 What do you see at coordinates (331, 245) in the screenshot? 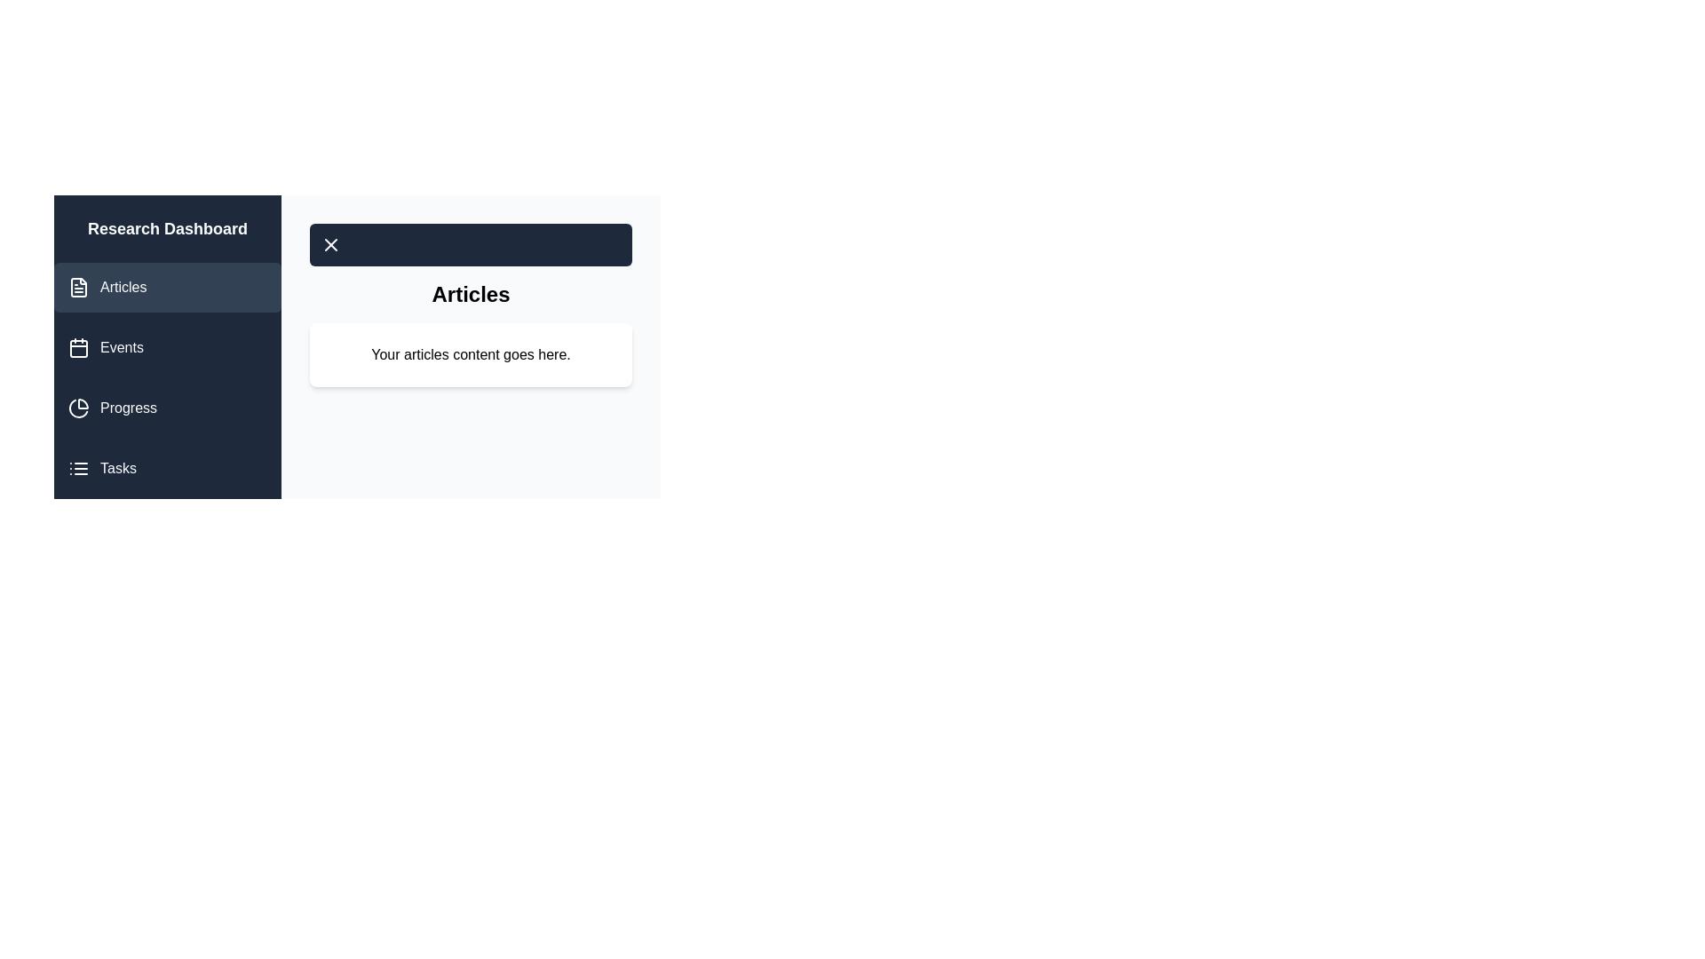
I see `button in the top-left corner of the main content area to toggle the sidebar visibility` at bounding box center [331, 245].